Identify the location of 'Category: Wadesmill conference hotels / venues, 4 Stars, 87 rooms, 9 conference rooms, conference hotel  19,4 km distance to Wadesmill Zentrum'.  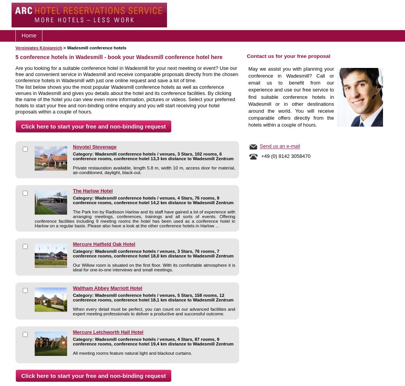
(153, 342).